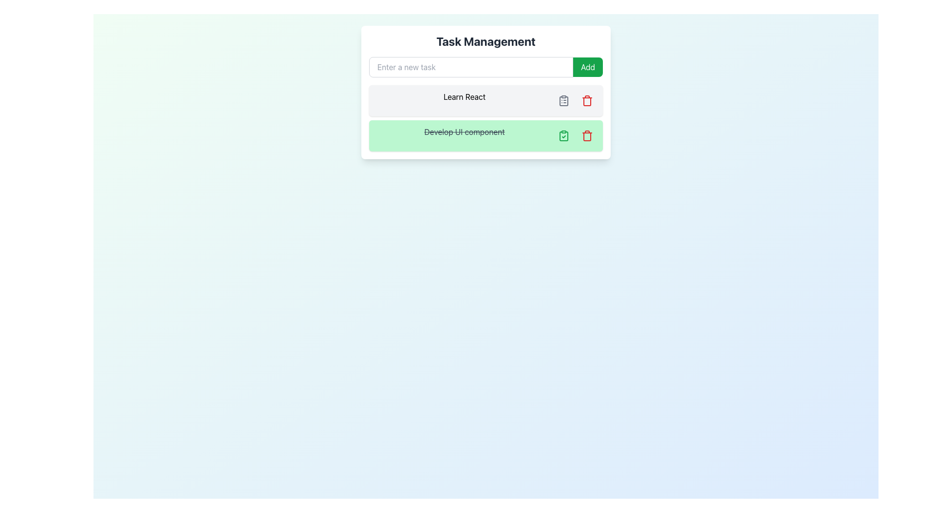 The height and width of the screenshot is (526, 935). Describe the element at coordinates (586, 135) in the screenshot. I see `the red-bordered trash can icon` at that location.